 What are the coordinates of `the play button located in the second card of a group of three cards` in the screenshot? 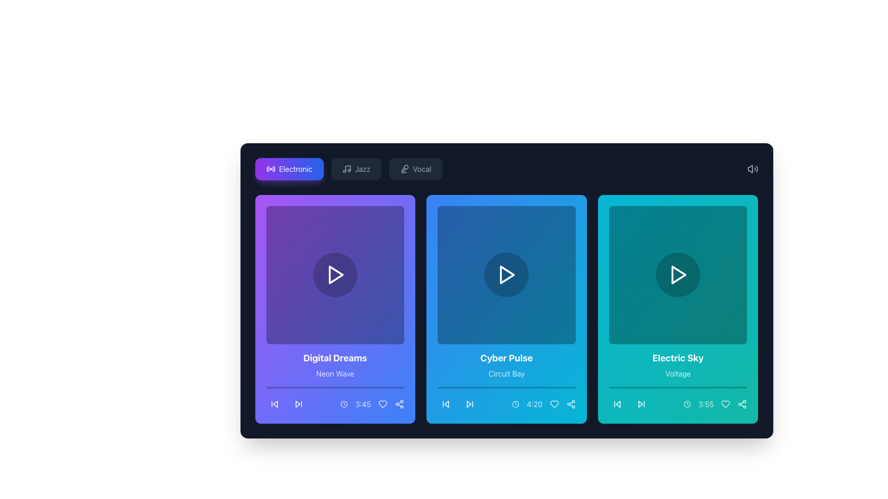 It's located at (506, 274).